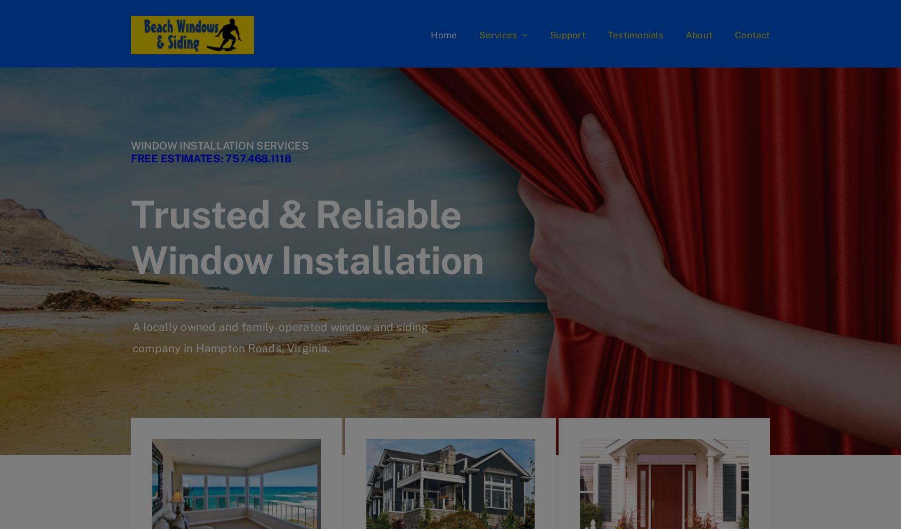 The width and height of the screenshot is (901, 529). I want to click on 'Home', so click(444, 34).